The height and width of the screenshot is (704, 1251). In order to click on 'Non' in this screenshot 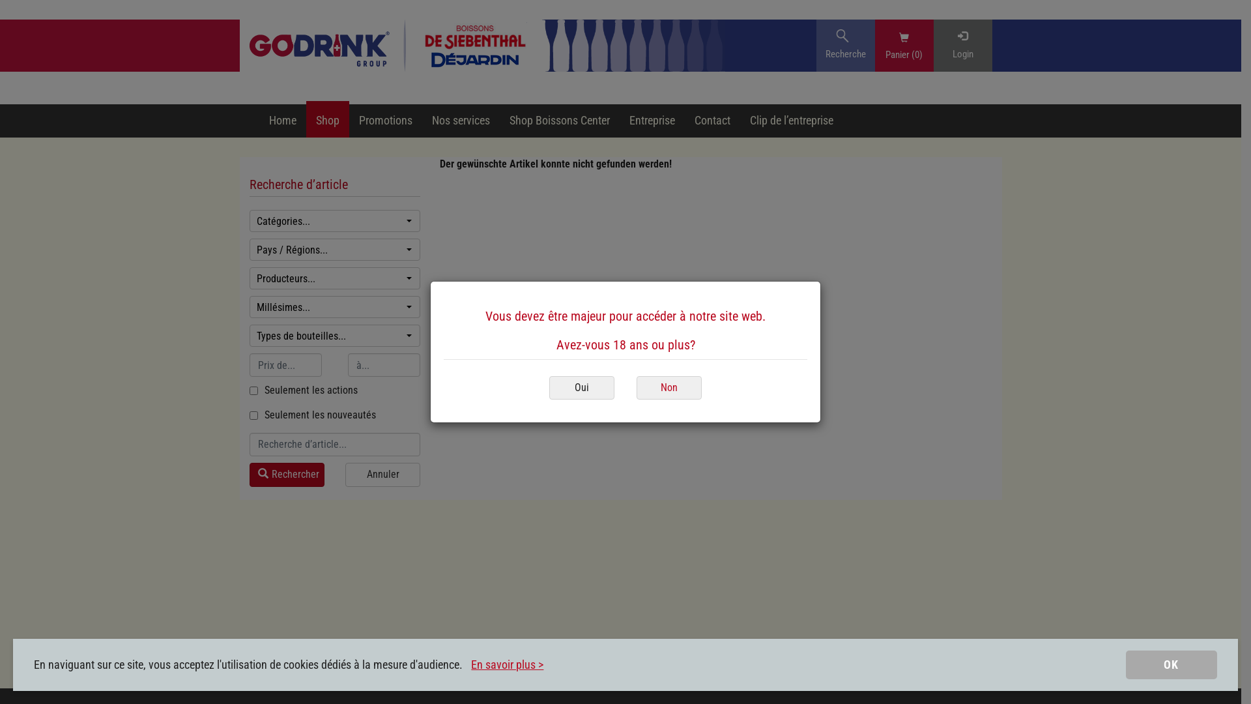, I will do `click(669, 386)`.